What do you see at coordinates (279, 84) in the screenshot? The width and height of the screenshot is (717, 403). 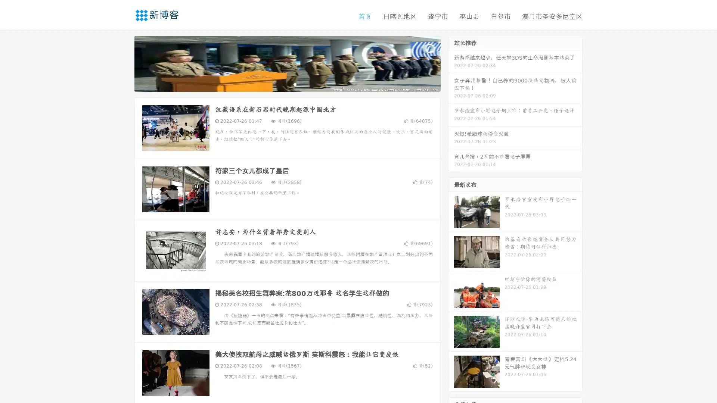 I see `Go to slide 1` at bounding box center [279, 84].